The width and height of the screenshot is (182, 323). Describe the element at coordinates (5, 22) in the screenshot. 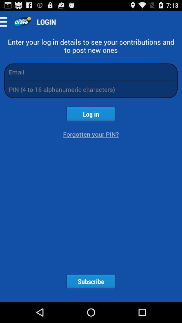

I see `item above the enter your log icon` at that location.